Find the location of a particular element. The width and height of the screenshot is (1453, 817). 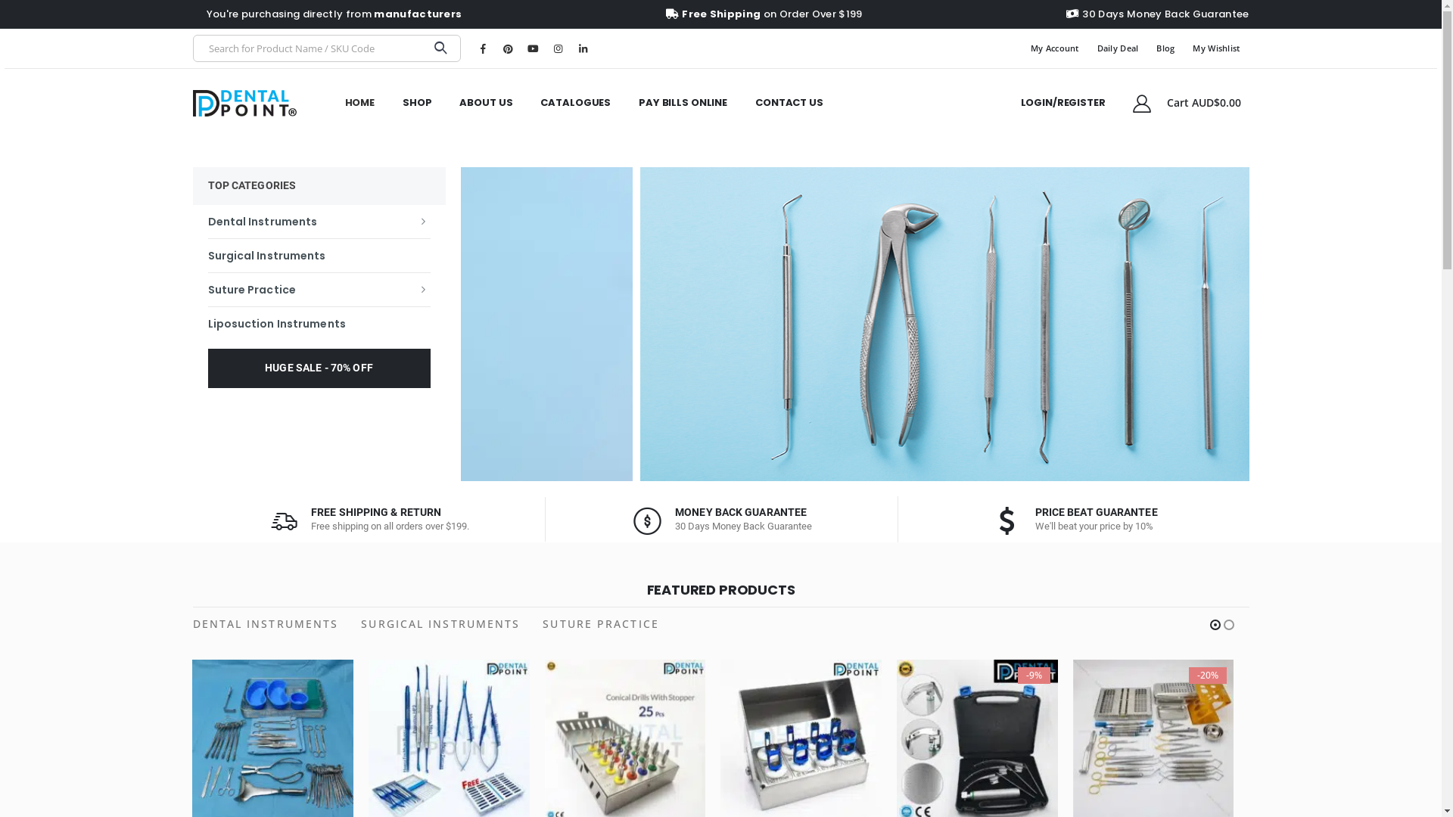

'SHOP' is located at coordinates (417, 102).